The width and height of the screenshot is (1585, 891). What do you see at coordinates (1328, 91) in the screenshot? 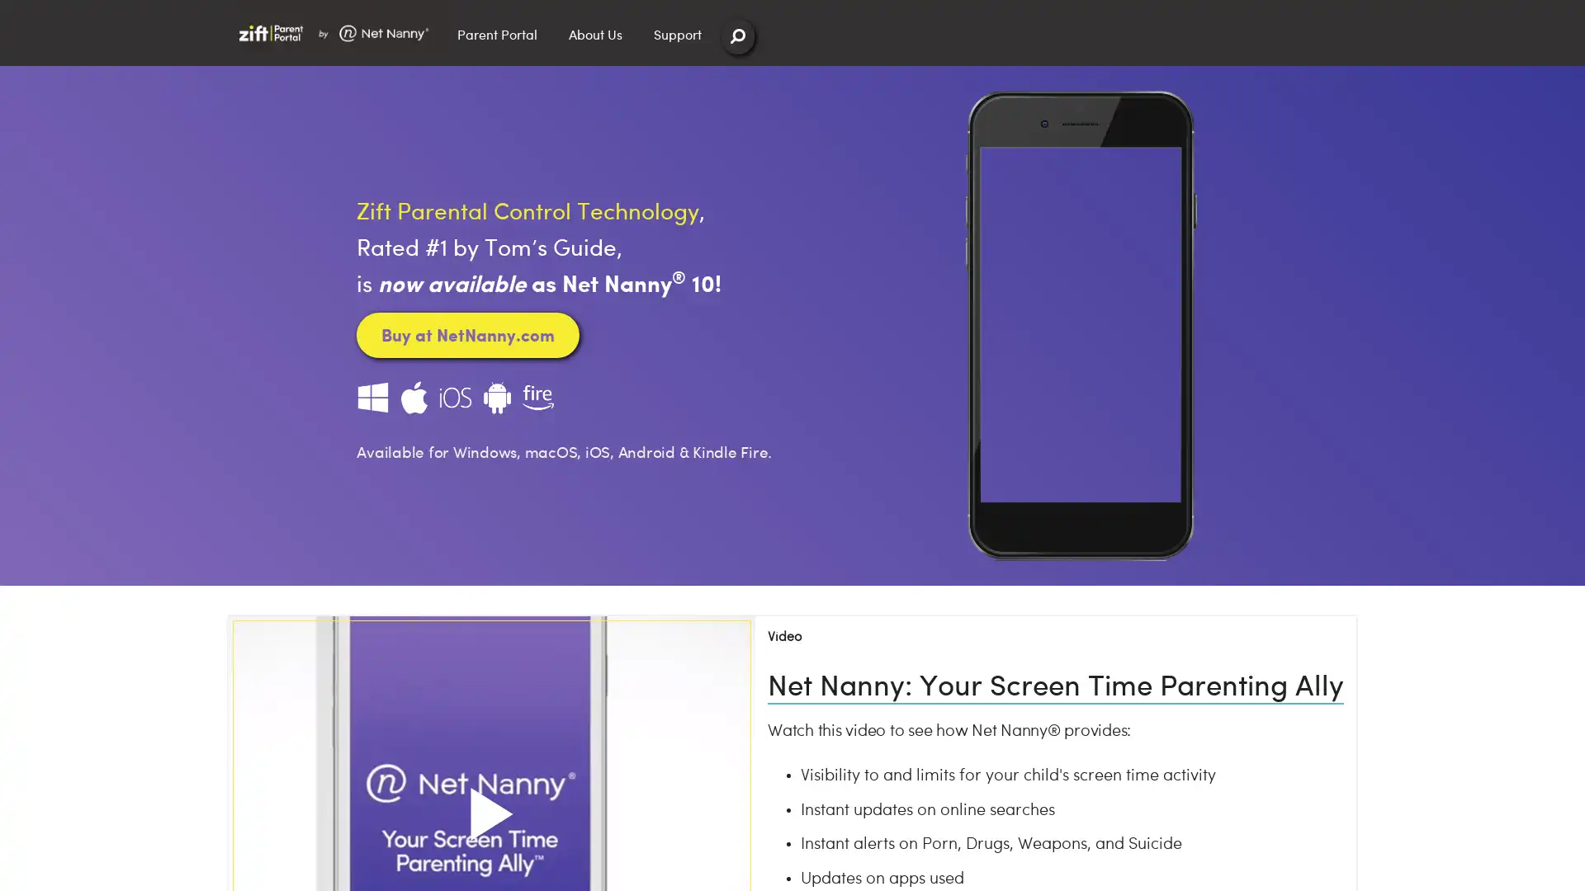
I see `Close Search` at bounding box center [1328, 91].